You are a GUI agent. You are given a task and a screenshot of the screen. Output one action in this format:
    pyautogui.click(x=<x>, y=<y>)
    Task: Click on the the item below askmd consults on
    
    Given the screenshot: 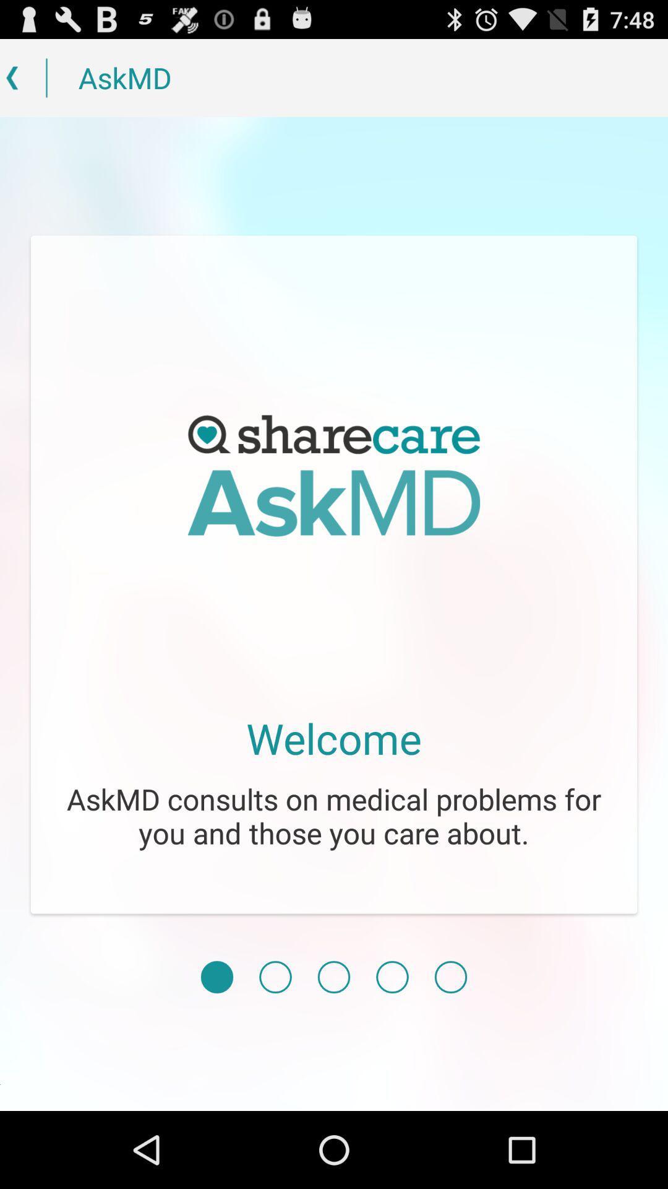 What is the action you would take?
    pyautogui.click(x=451, y=977)
    